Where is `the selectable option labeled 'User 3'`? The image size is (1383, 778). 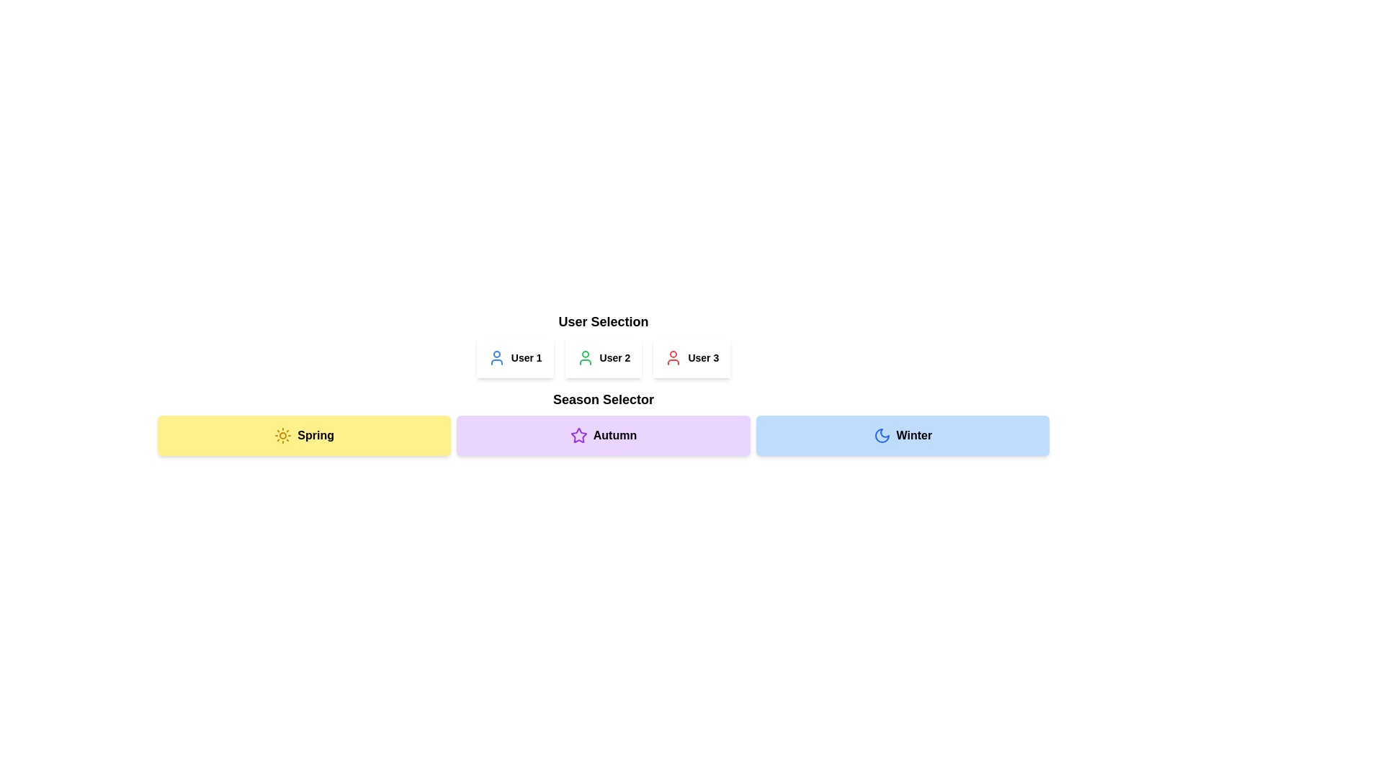
the selectable option labeled 'User 3' is located at coordinates (691, 357).